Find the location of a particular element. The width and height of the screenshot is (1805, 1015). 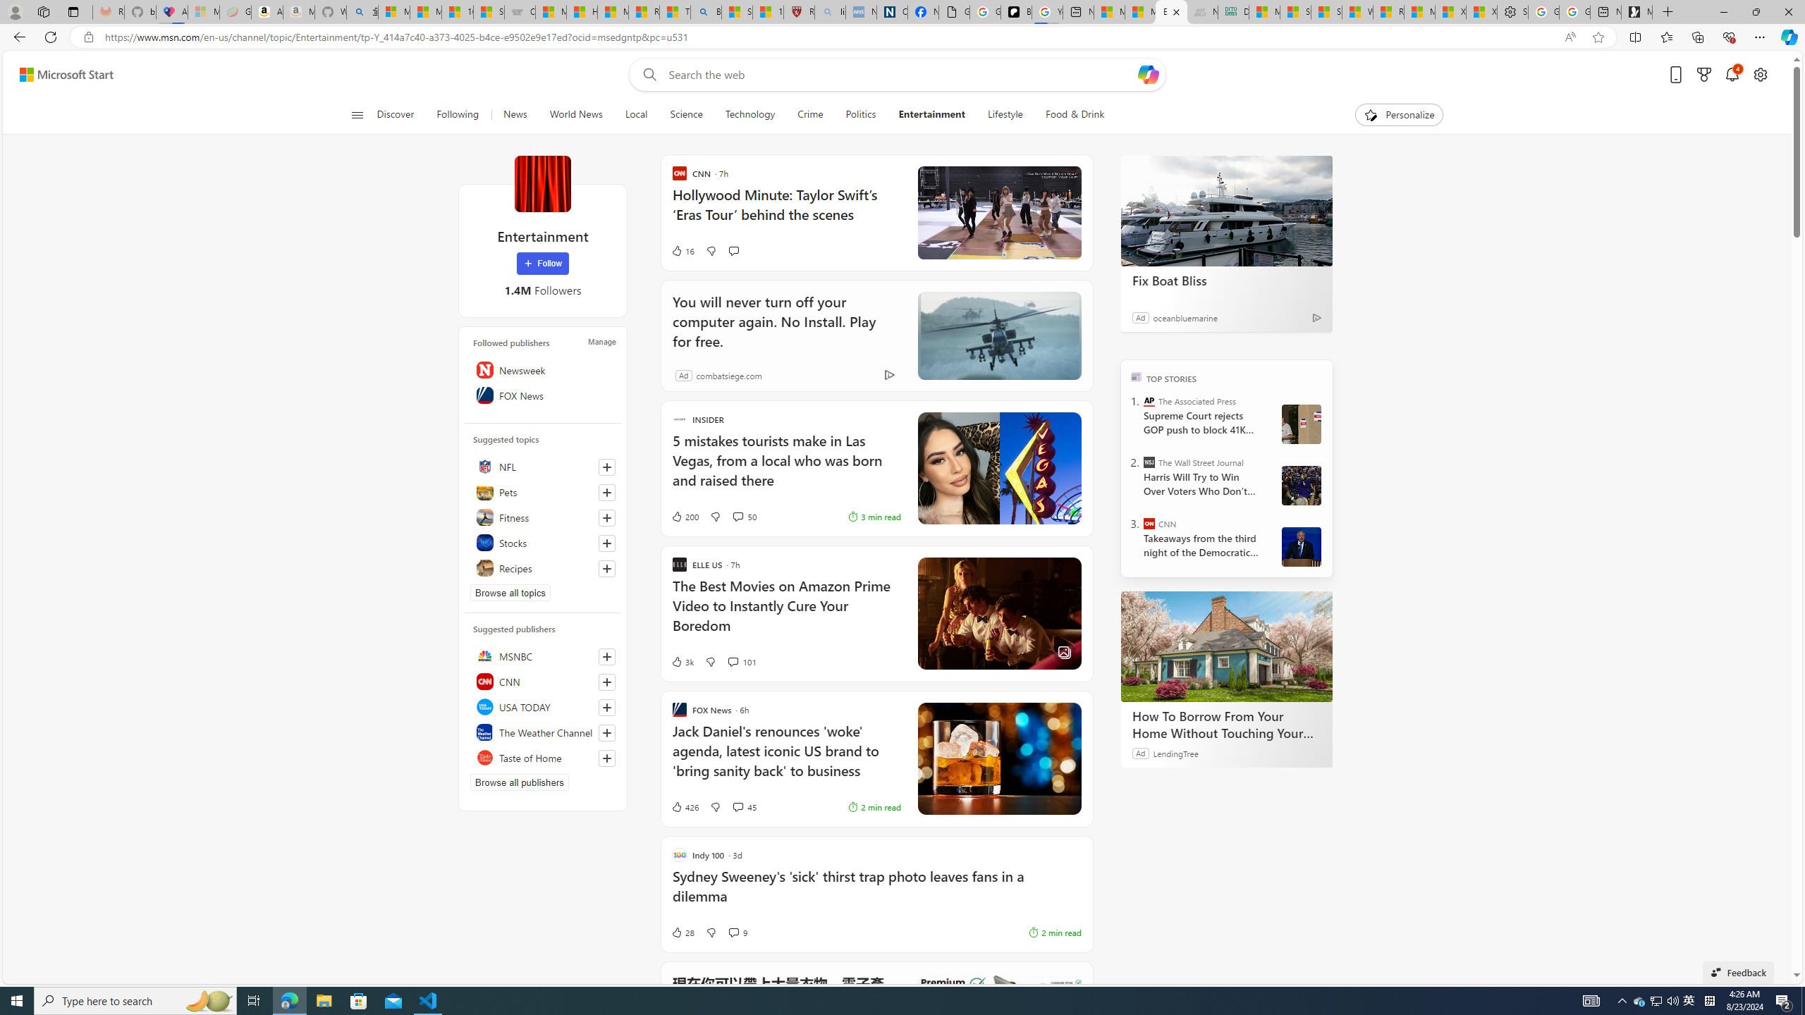

'Entertainment' is located at coordinates (931, 114).